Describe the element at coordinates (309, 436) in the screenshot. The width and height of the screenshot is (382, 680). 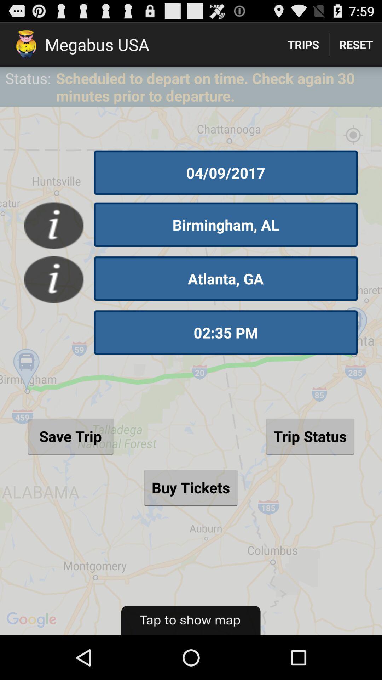
I see `trip status item` at that location.